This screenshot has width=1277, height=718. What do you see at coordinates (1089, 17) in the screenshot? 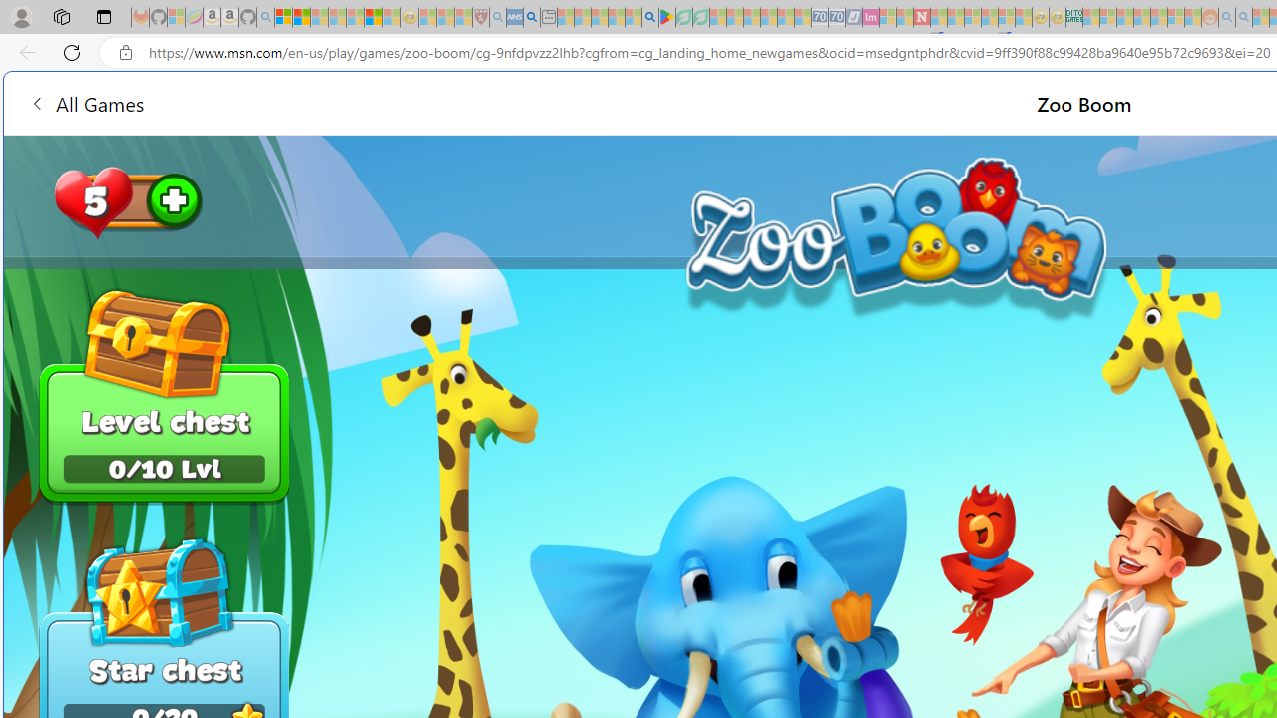
I see `'MSNBC - MSN - Sleeping'` at bounding box center [1089, 17].